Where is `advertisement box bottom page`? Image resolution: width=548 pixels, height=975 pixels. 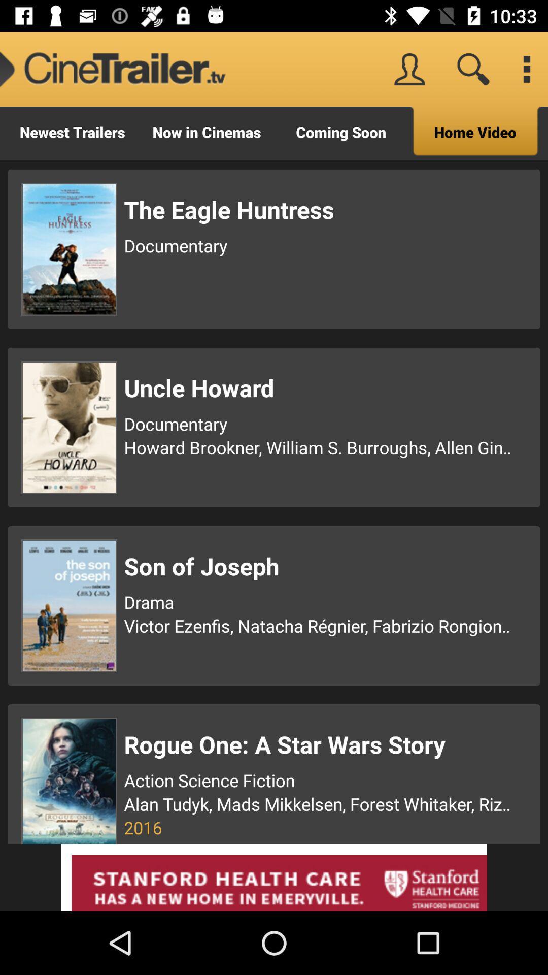 advertisement box bottom page is located at coordinates (274, 877).